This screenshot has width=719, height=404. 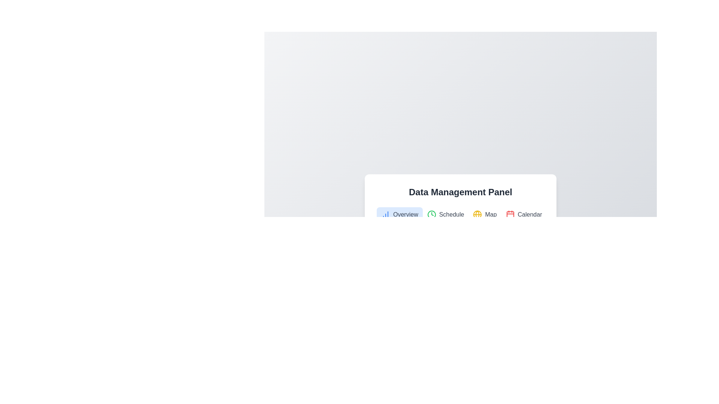 I want to click on the SVG Circle element in the top-right section of the Data Management Panel, so click(x=477, y=215).